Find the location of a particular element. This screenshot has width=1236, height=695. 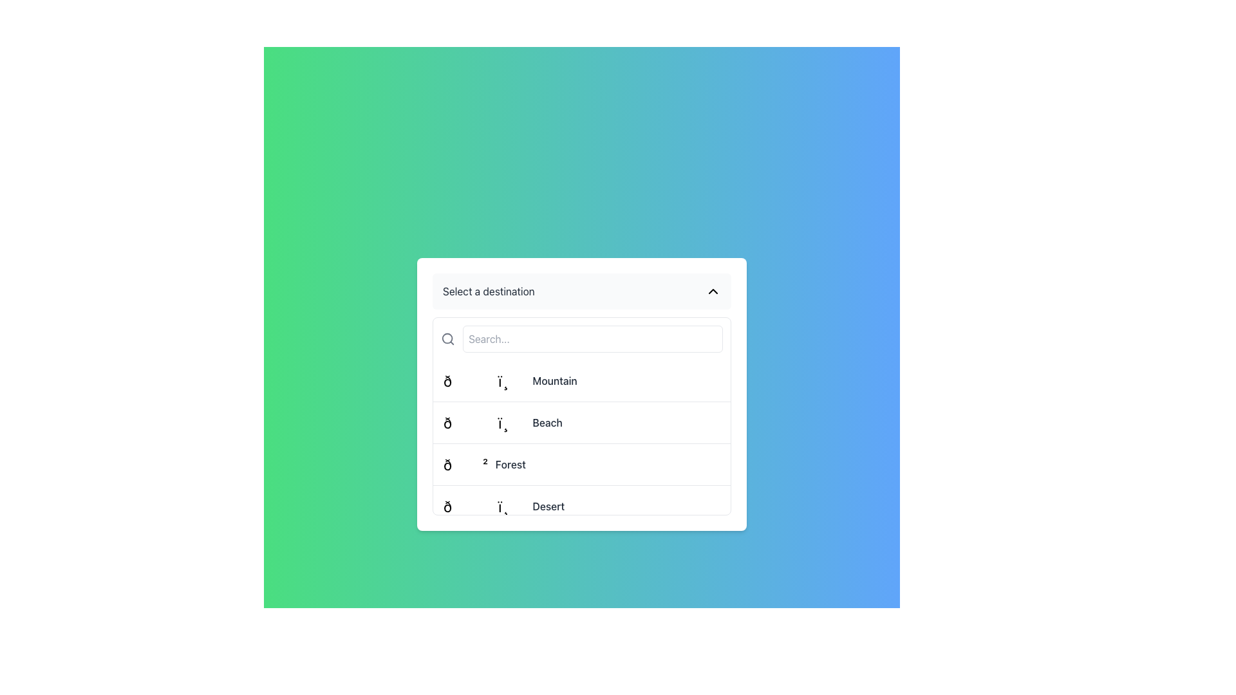

the list item associated with the text label 'Forest' by clicking on it, which is the third entry under 'Select a destination' is located at coordinates (509, 464).